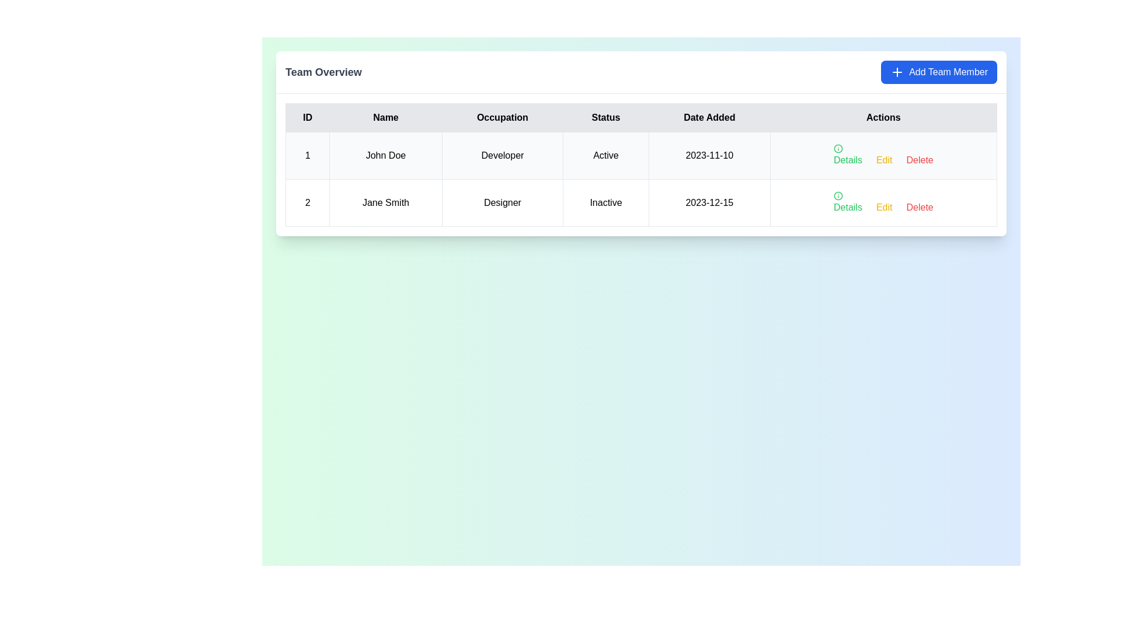 The width and height of the screenshot is (1121, 630). What do you see at coordinates (308, 202) in the screenshot?
I see `the text display element in the first cell of the row labeled 'Jane Smith', which shows the unique identifier for the associated item or user` at bounding box center [308, 202].